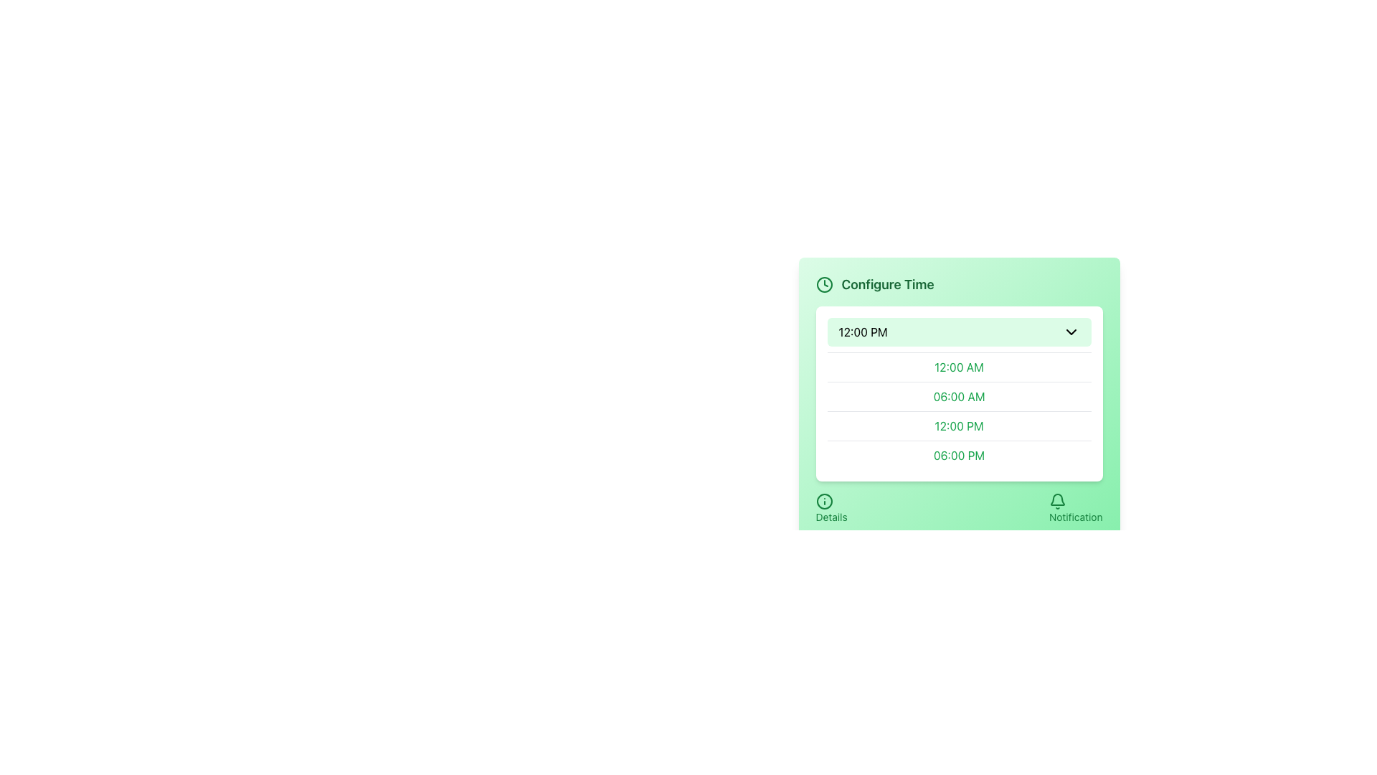 Image resolution: width=1377 pixels, height=775 pixels. Describe the element at coordinates (959, 367) in the screenshot. I see `the first item in the dropdown menu` at that location.